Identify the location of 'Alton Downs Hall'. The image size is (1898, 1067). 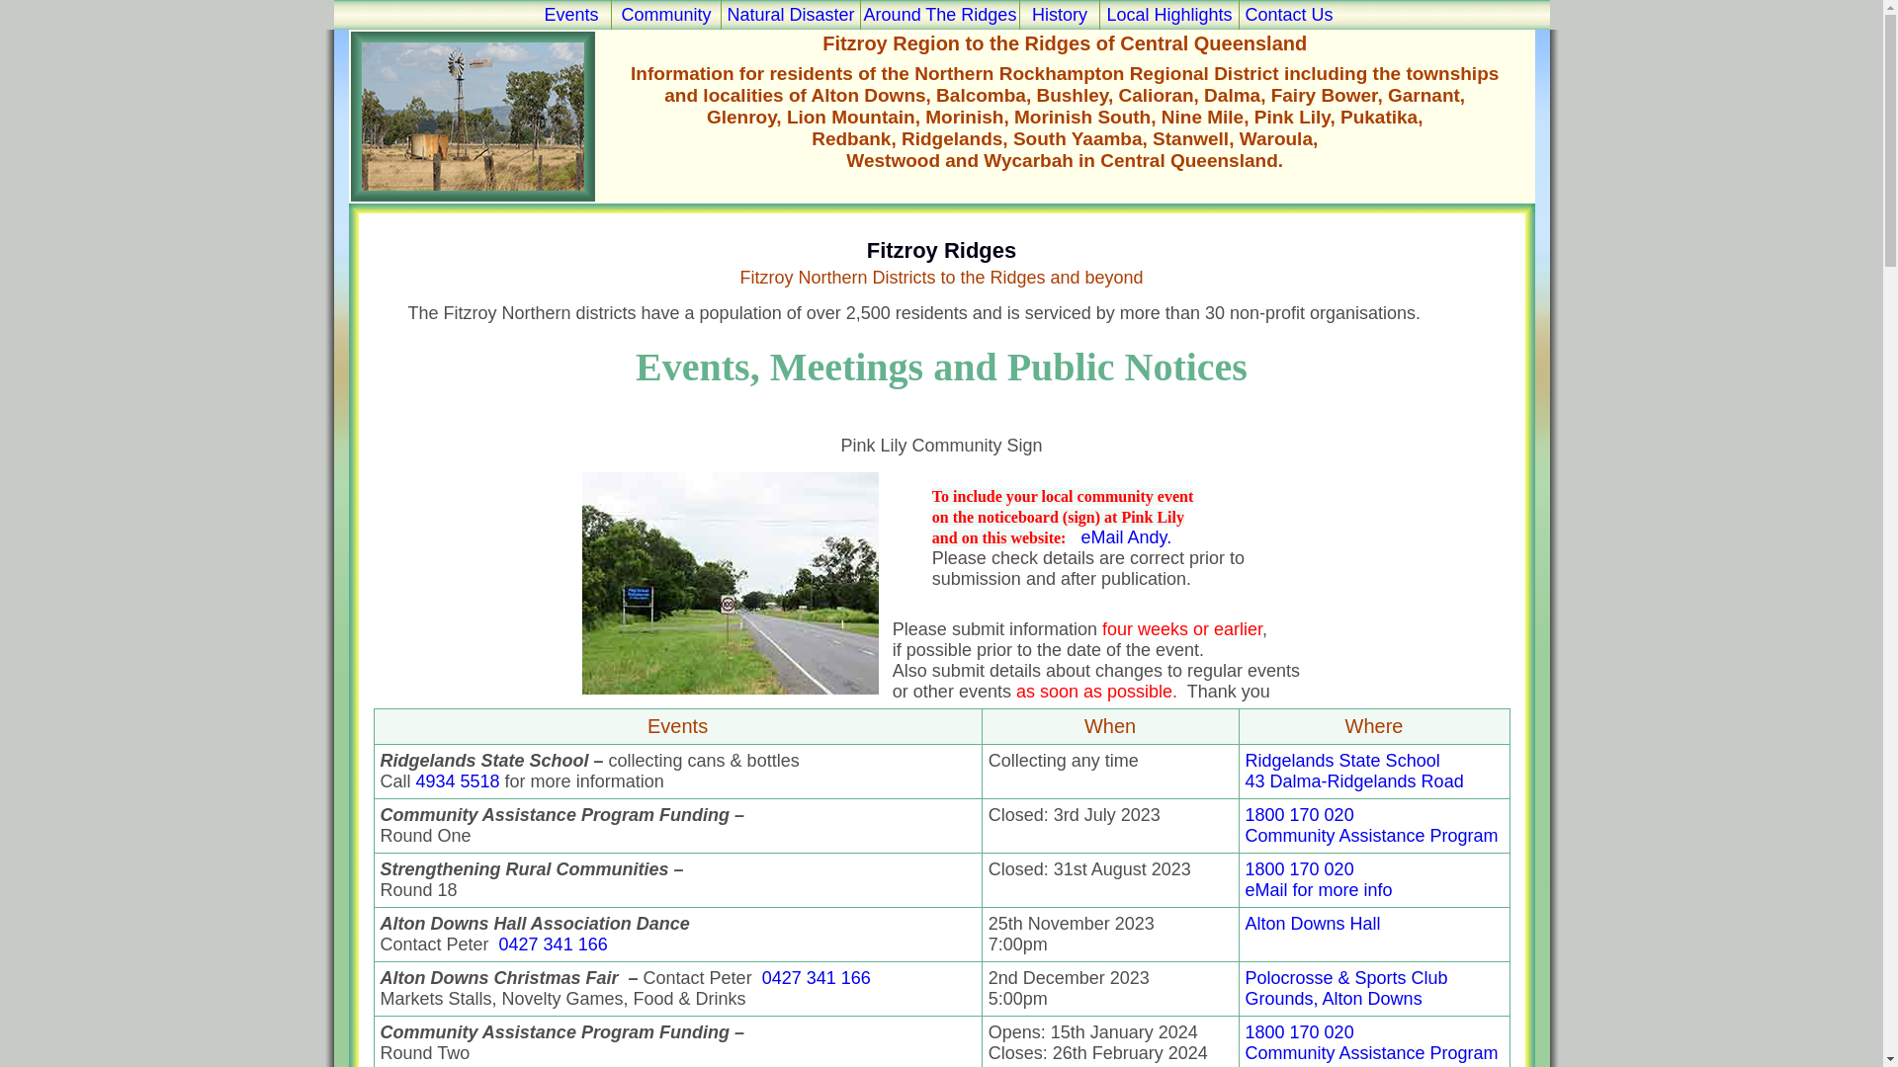
(1313, 923).